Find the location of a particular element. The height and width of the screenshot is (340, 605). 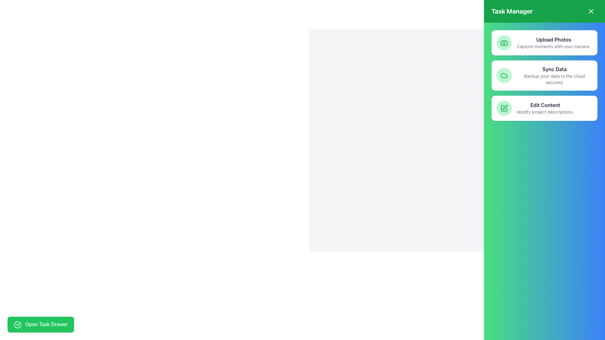

description text of the 'Sync Data' informational section, which includes the heading in bold dark gray and the description in lighter gray text is located at coordinates (555, 75).